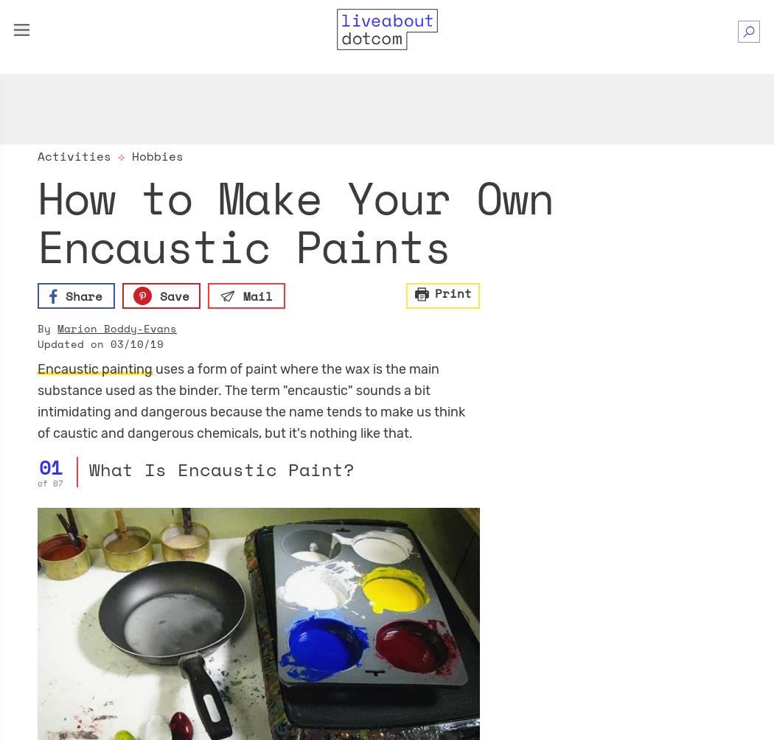 The image size is (774, 740). I want to click on 'Activities', so click(74, 156).